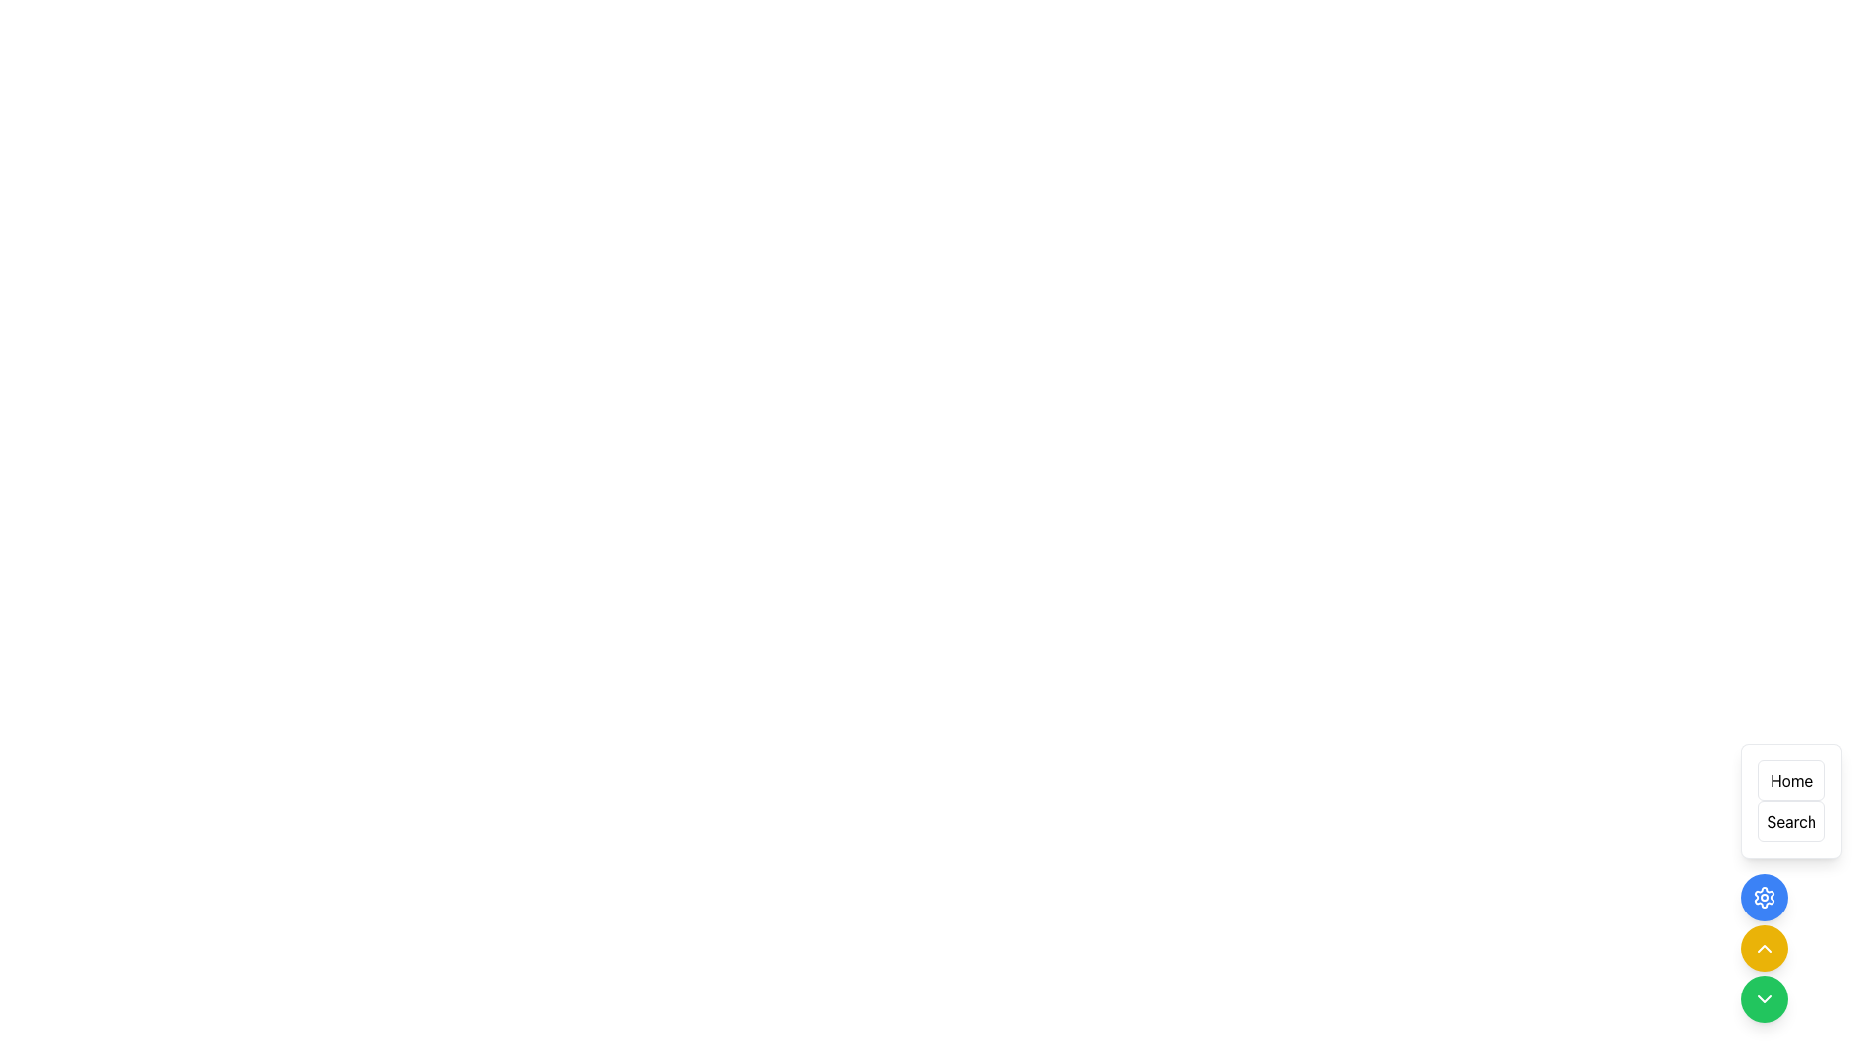 The width and height of the screenshot is (1873, 1054). I want to click on the circular yellow button with a white chevron pointing upwards, which is the second button from the bottom in the stack of buttons, so click(1765, 948).